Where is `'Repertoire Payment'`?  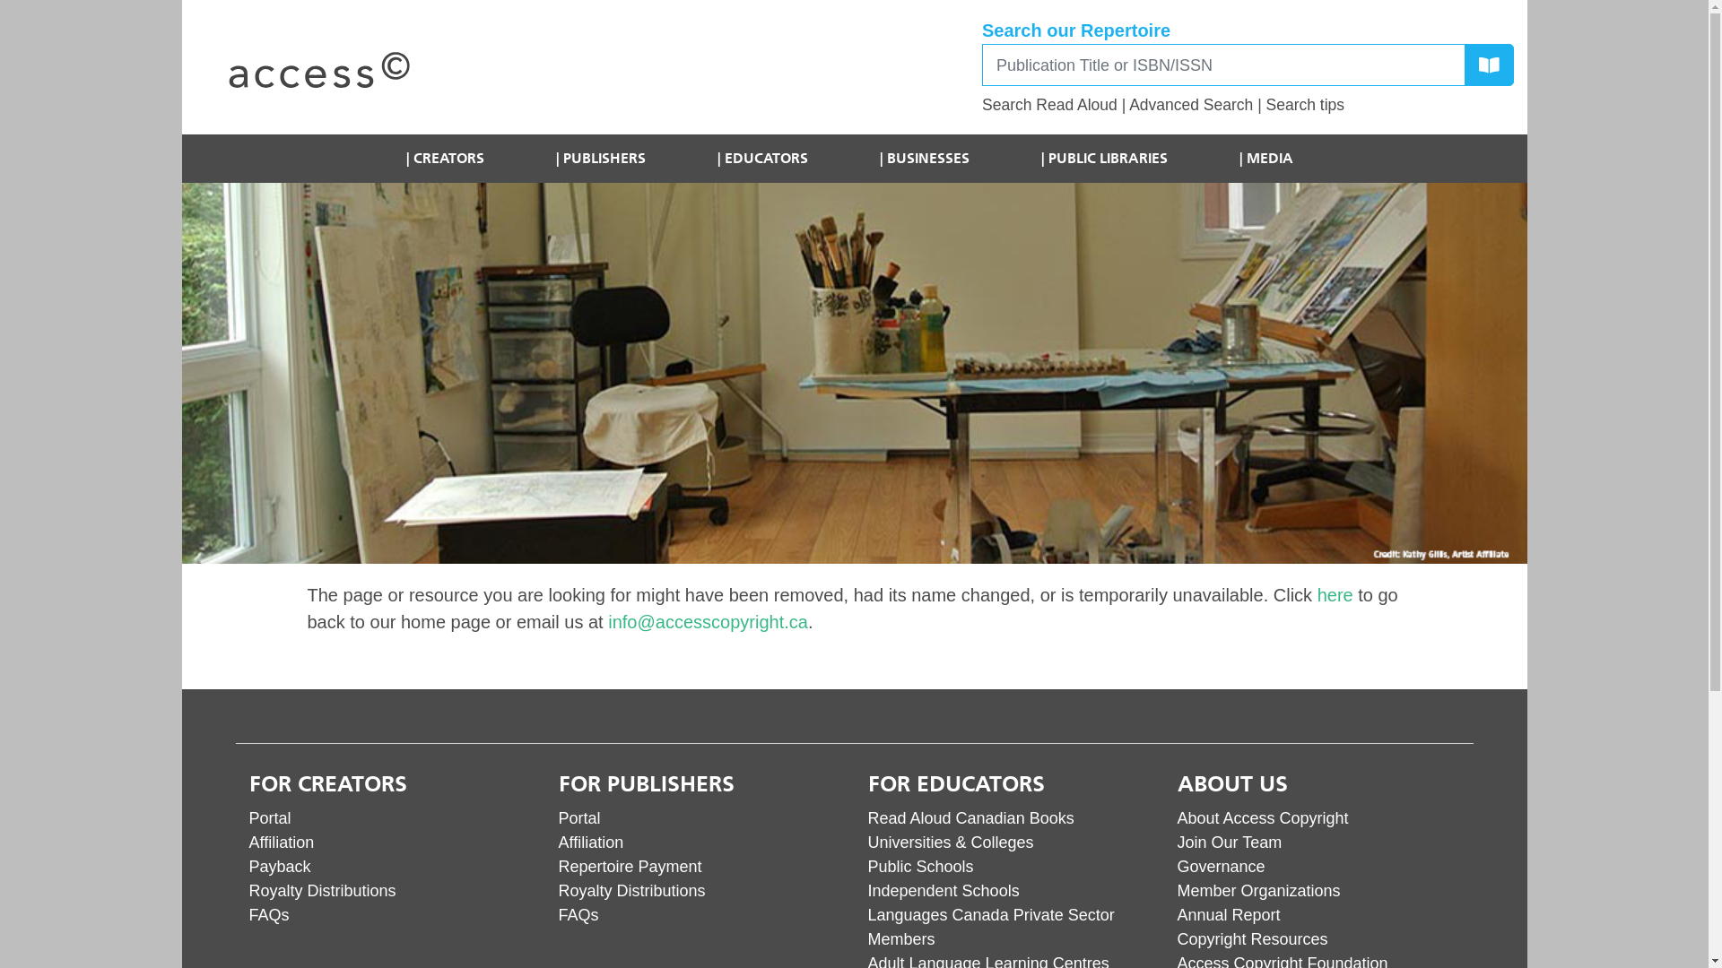
'Repertoire Payment' is located at coordinates (557, 866).